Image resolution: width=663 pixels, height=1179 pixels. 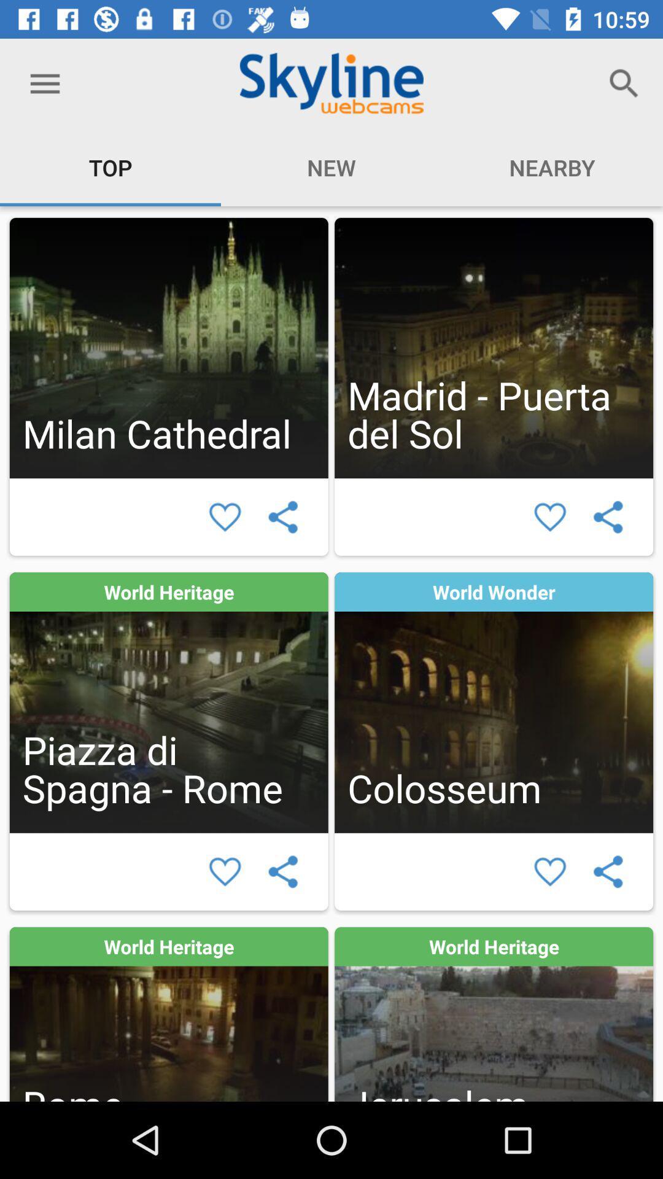 I want to click on webcam, so click(x=169, y=702).